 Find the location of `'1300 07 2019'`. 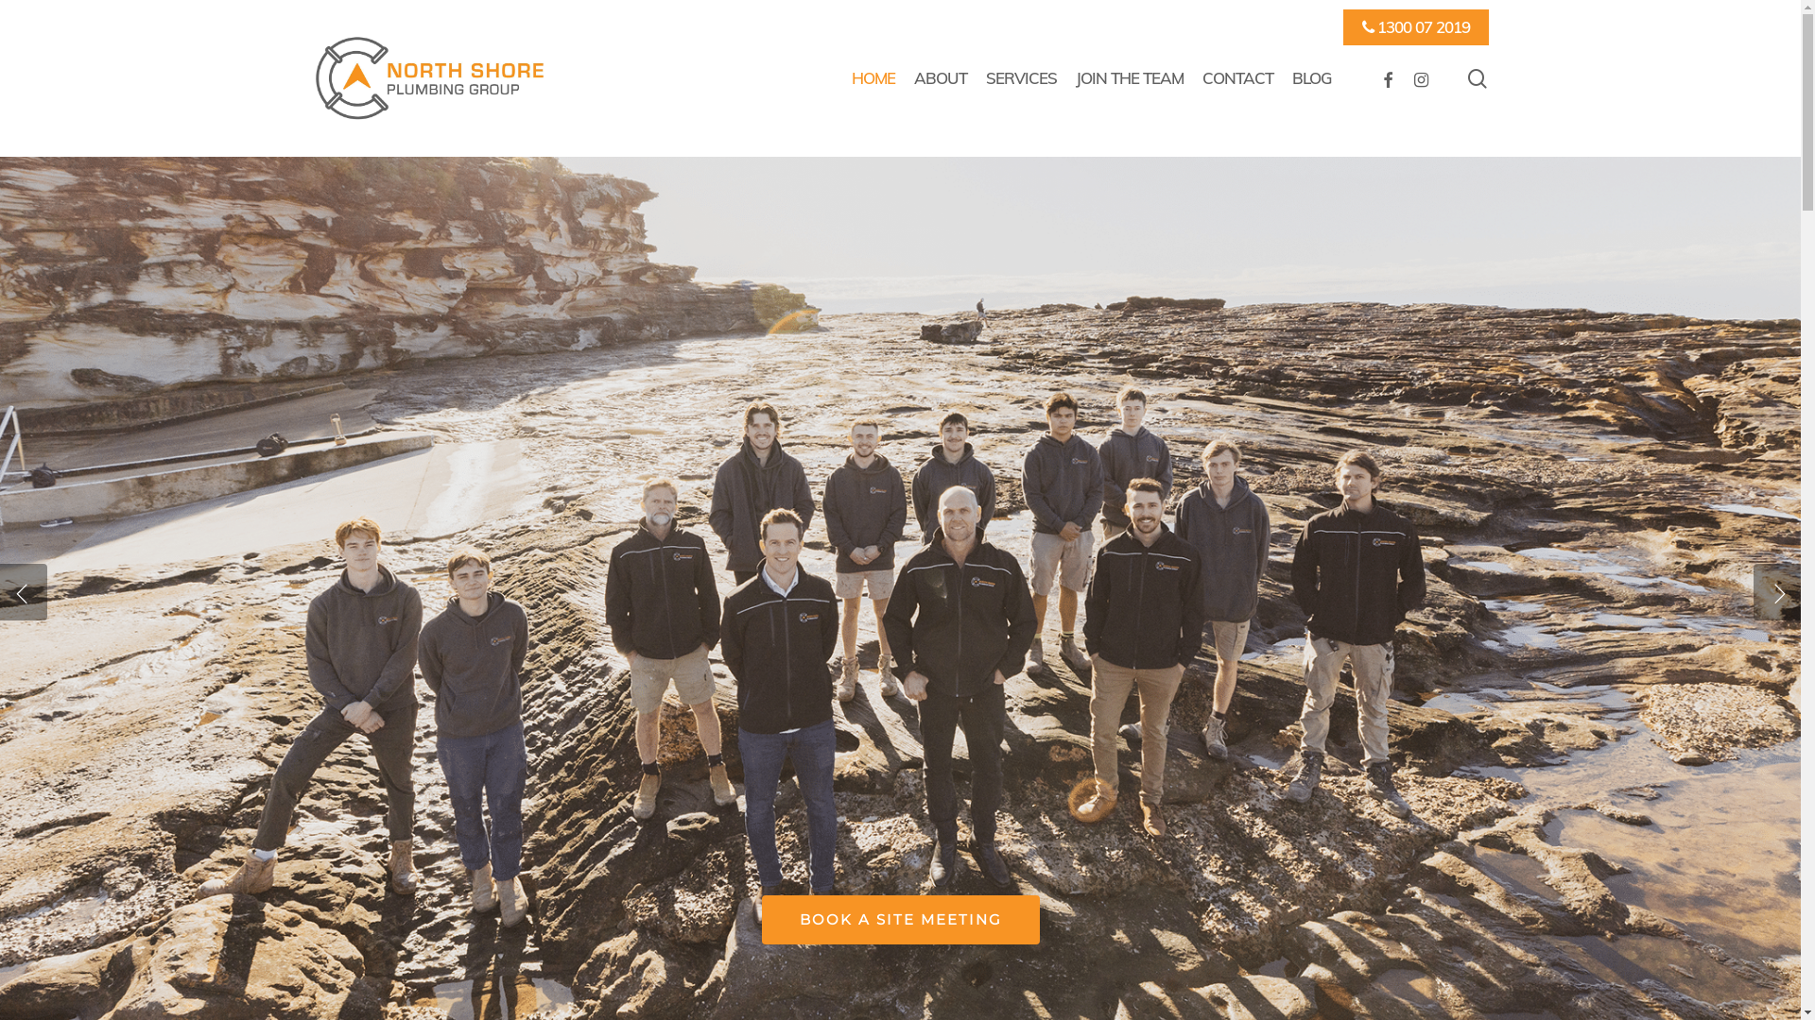

'1300 07 2019' is located at coordinates (1415, 27).